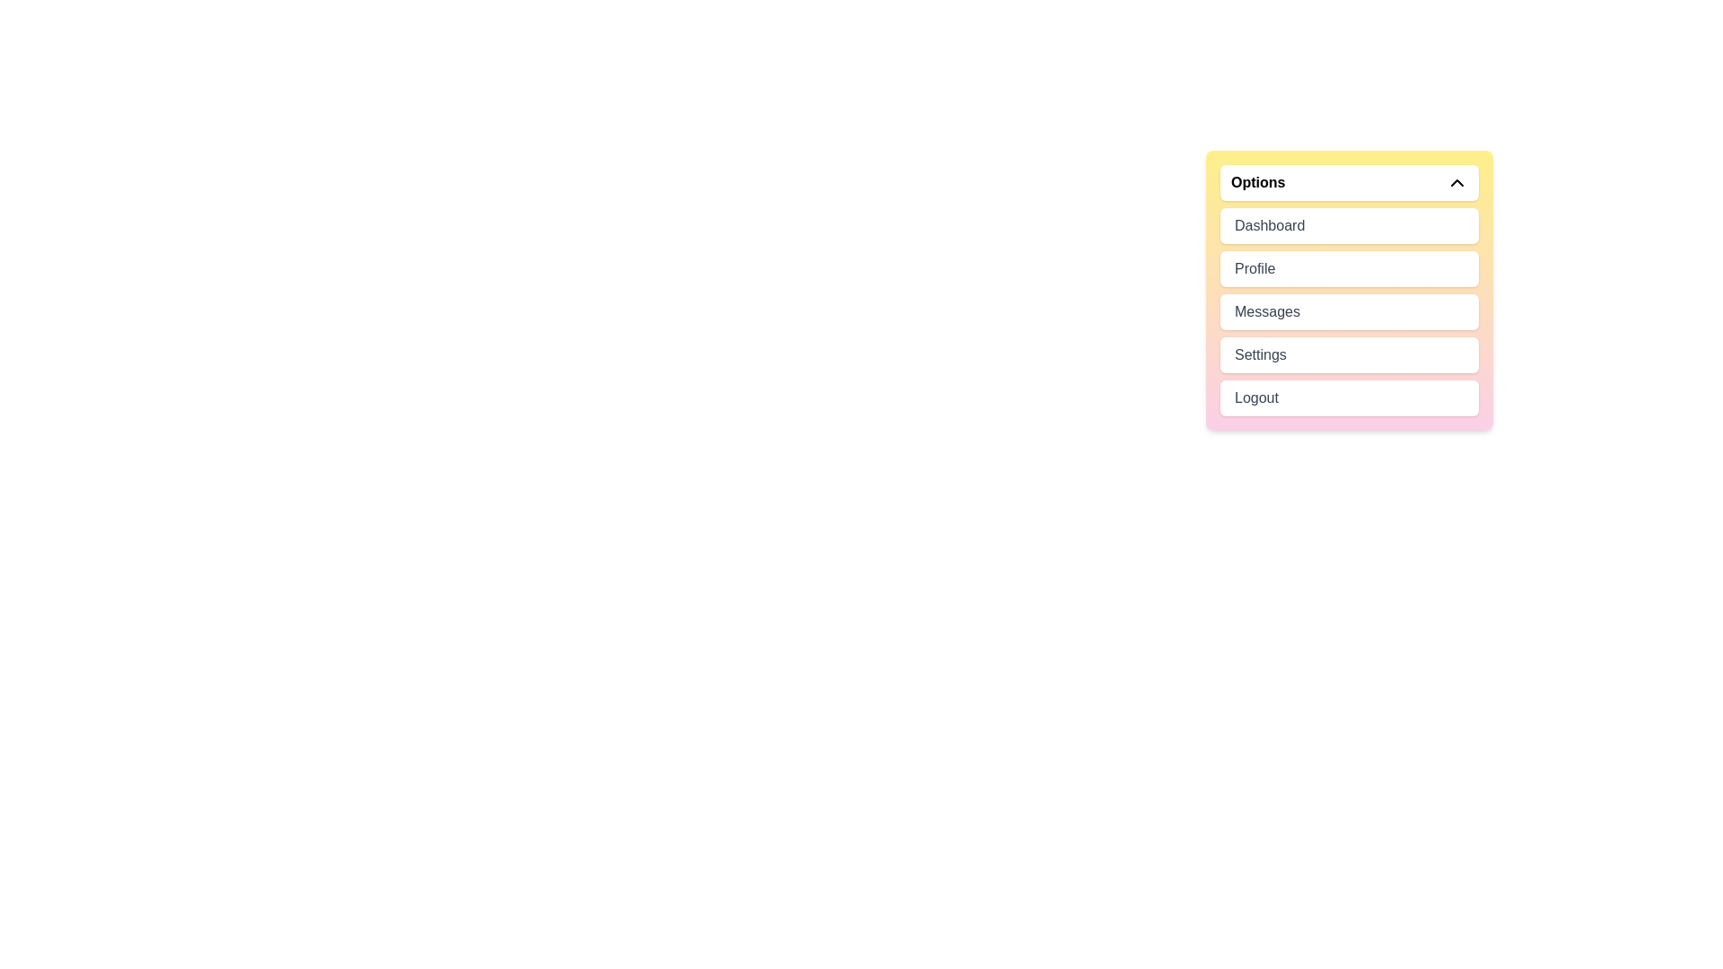 The image size is (1723, 969). Describe the element at coordinates (1349, 183) in the screenshot. I see `the dropdown menu button to toggle its state` at that location.